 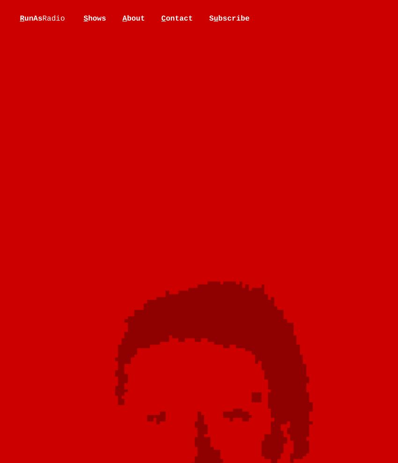 I want to click on 'R', so click(x=19, y=19).